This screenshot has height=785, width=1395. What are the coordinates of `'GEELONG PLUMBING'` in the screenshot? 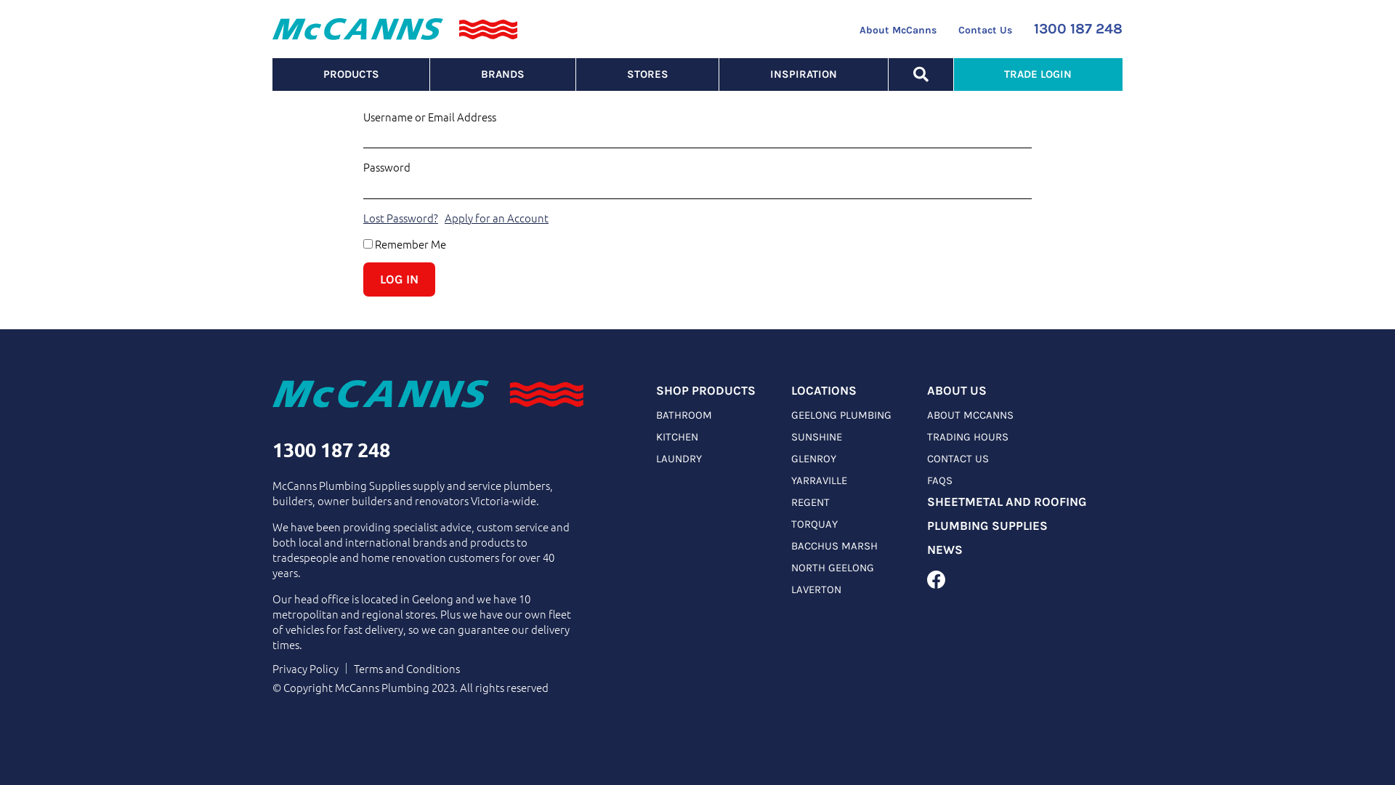 It's located at (841, 414).